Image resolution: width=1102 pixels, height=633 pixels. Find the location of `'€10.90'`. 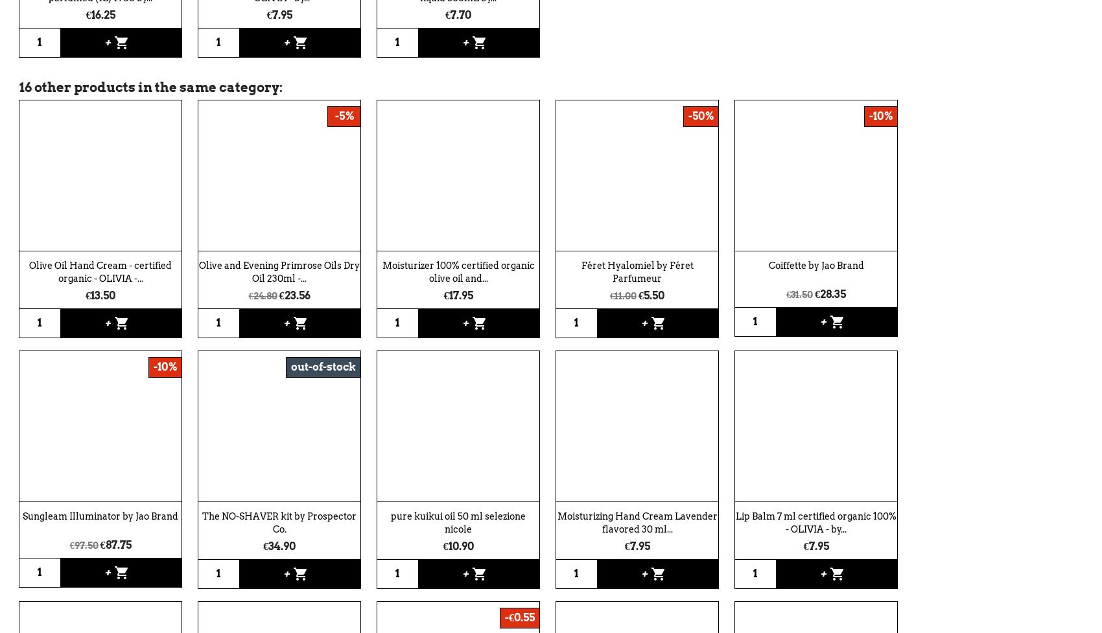

'€10.90' is located at coordinates (443, 545).